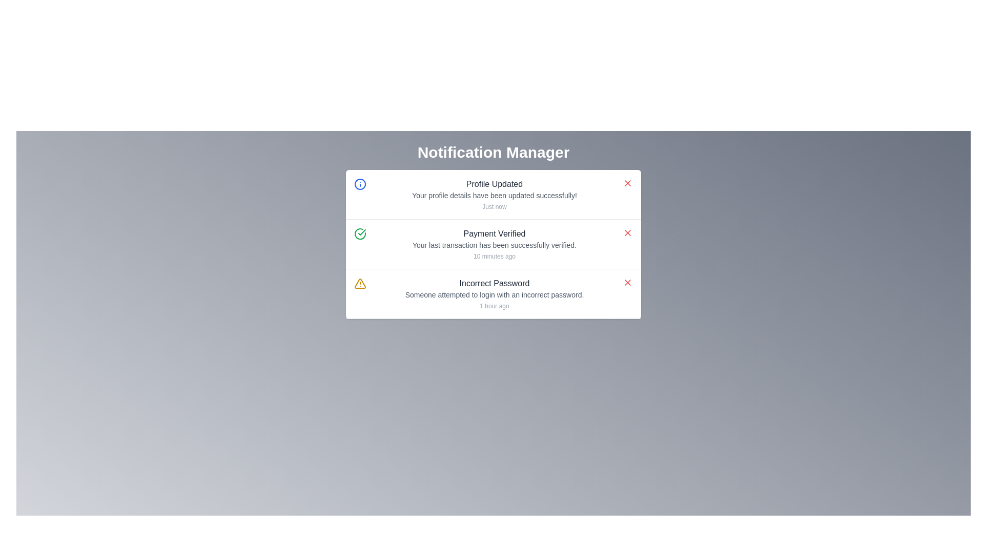  What do you see at coordinates (360, 284) in the screenshot?
I see `the warning icon representing the 'Incorrect Password' notification located at the bottom of the notification list to understand the notification type` at bounding box center [360, 284].